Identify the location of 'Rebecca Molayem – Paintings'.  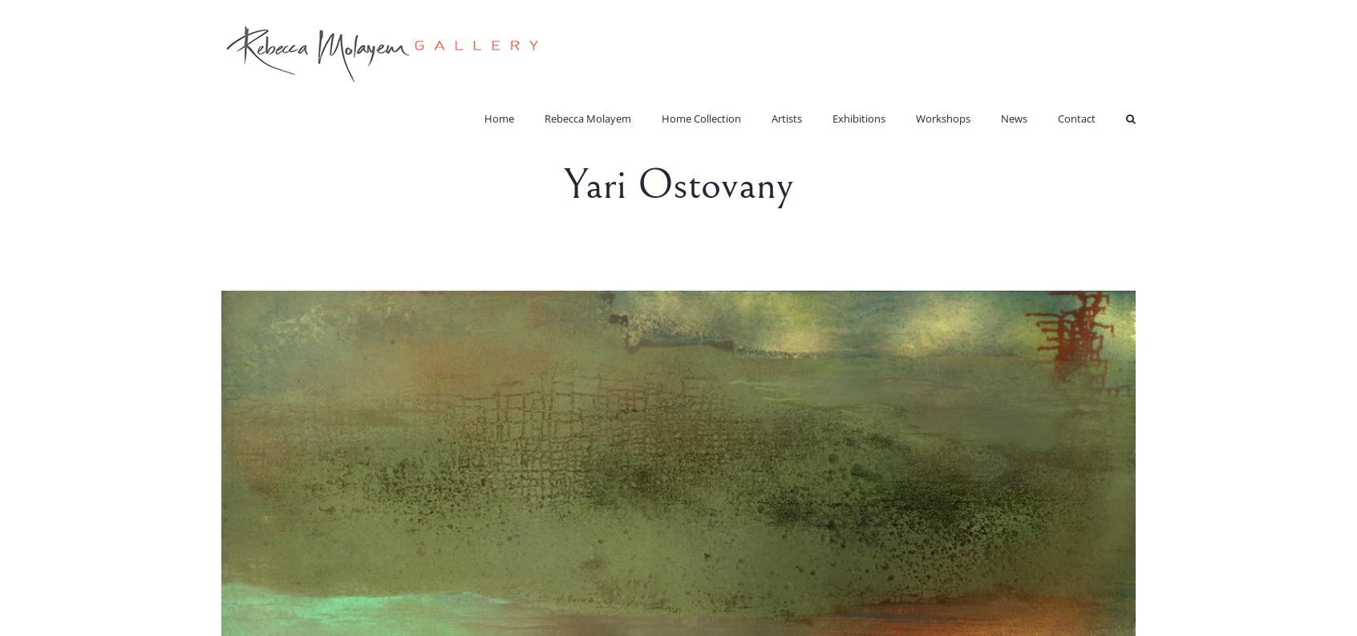
(607, 155).